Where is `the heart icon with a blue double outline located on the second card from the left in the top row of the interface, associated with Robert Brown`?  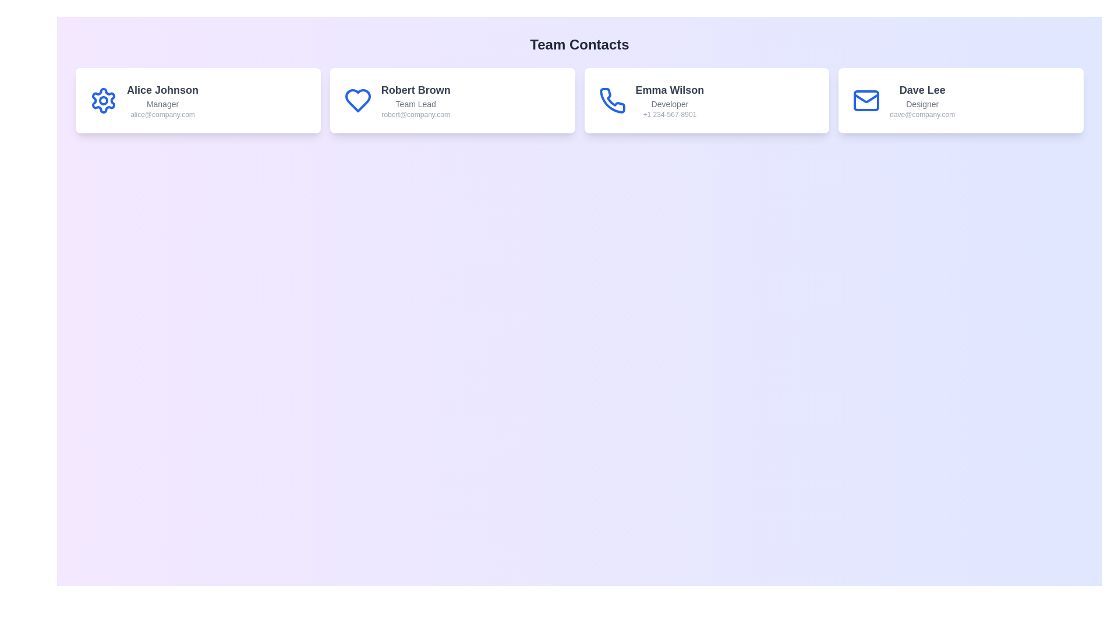
the heart icon with a blue double outline located on the second card from the left in the top row of the interface, associated with Robert Brown is located at coordinates (357, 100).